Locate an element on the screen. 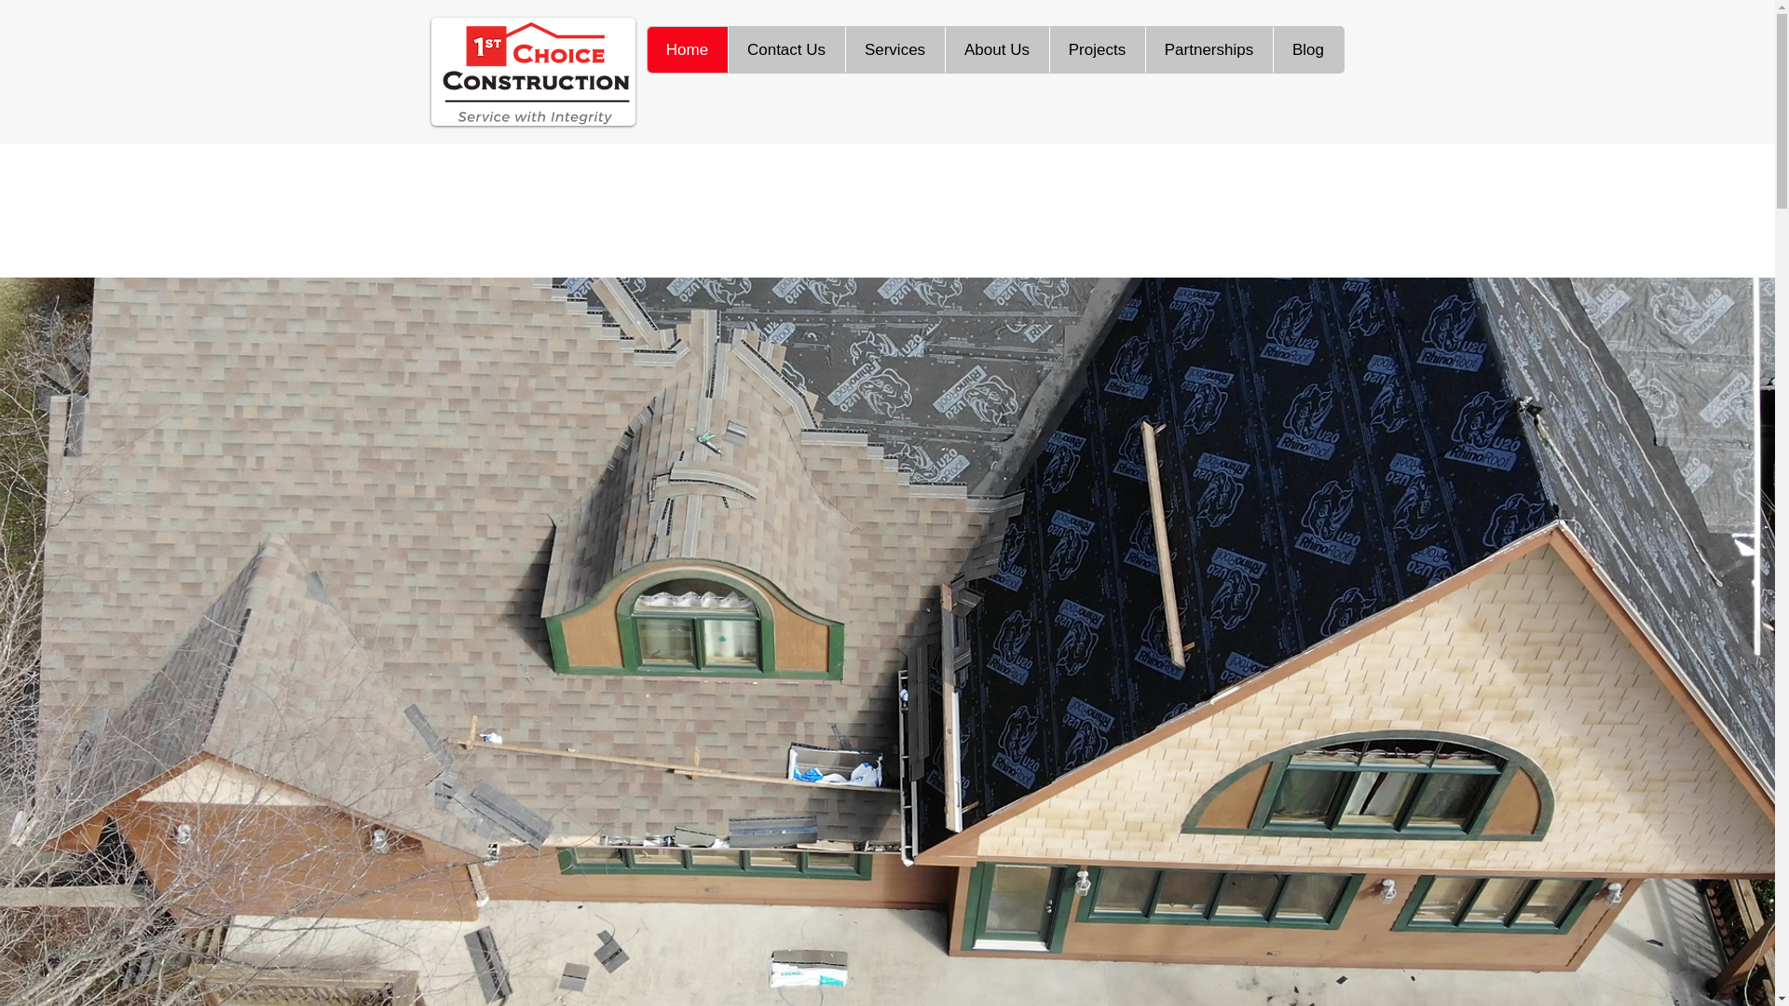  'Partnerships' is located at coordinates (1208, 48).